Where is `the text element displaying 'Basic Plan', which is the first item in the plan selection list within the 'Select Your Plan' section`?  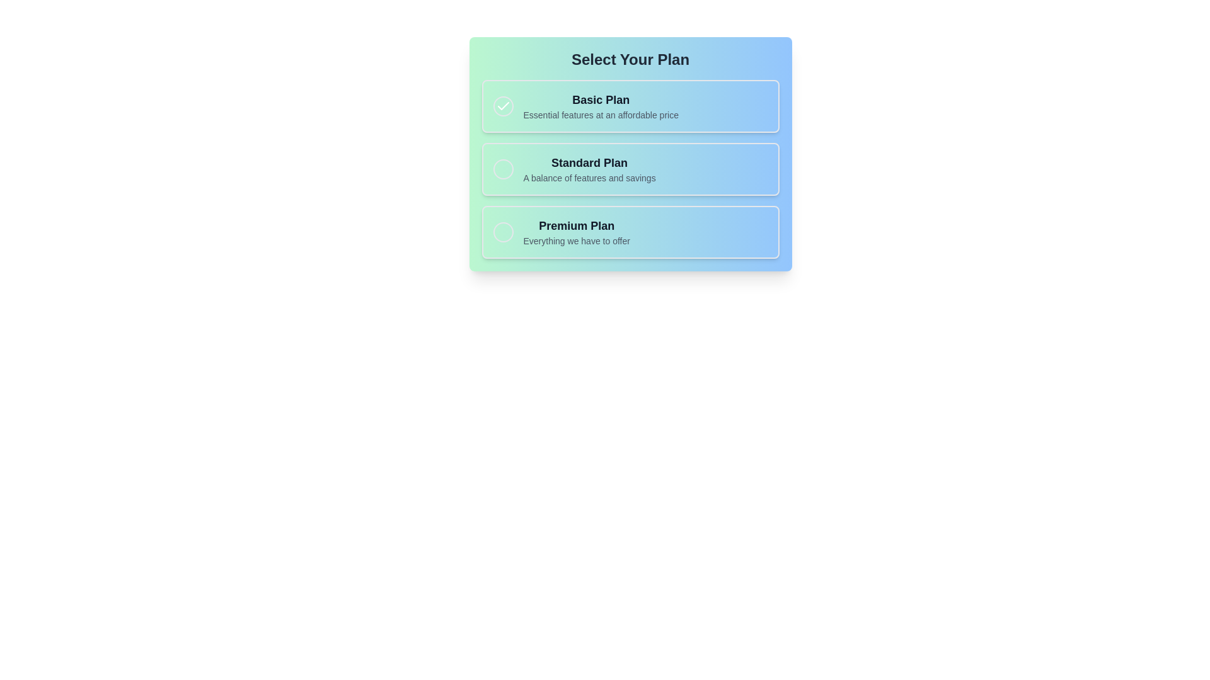
the text element displaying 'Basic Plan', which is the first item in the plan selection list within the 'Select Your Plan' section is located at coordinates (600, 99).